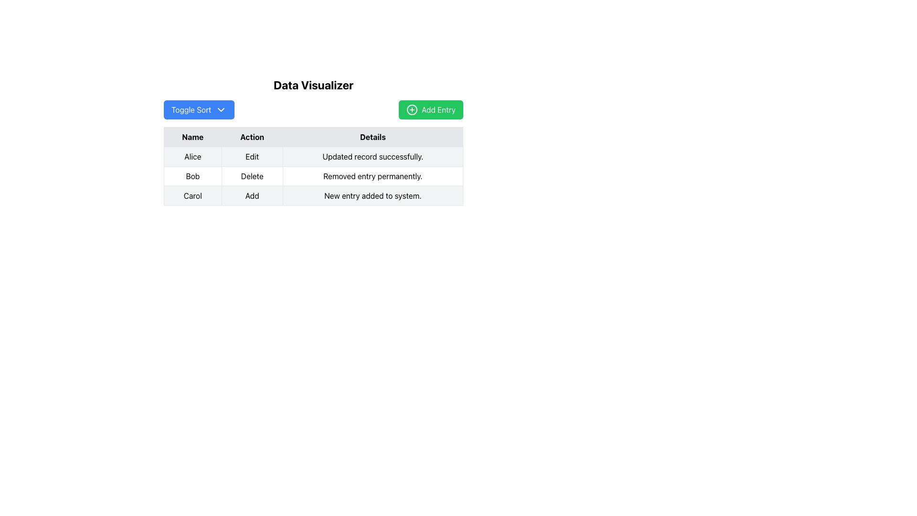  Describe the element at coordinates (430, 109) in the screenshot. I see `the green button labeled 'Add Entry' with a white '+' icon` at that location.